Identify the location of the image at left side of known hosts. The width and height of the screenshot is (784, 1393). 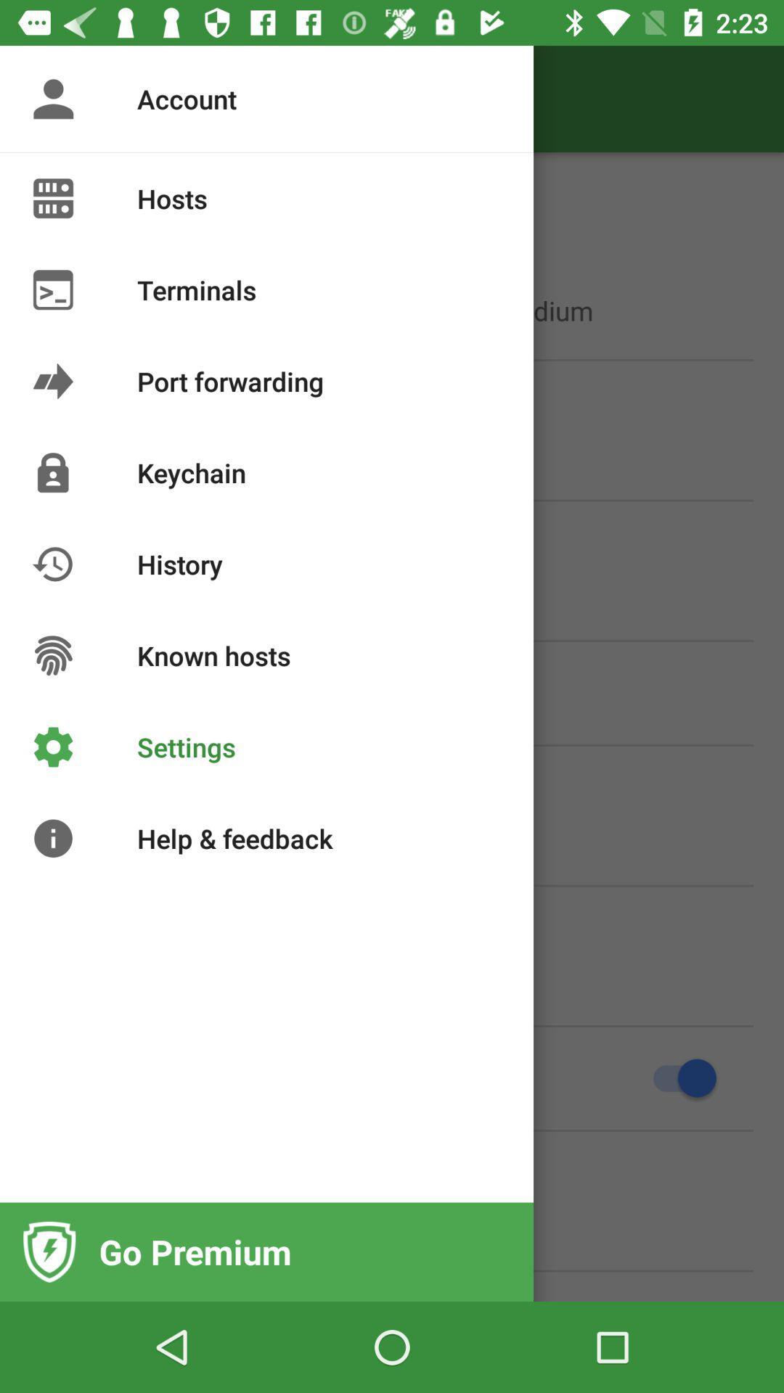
(52, 654).